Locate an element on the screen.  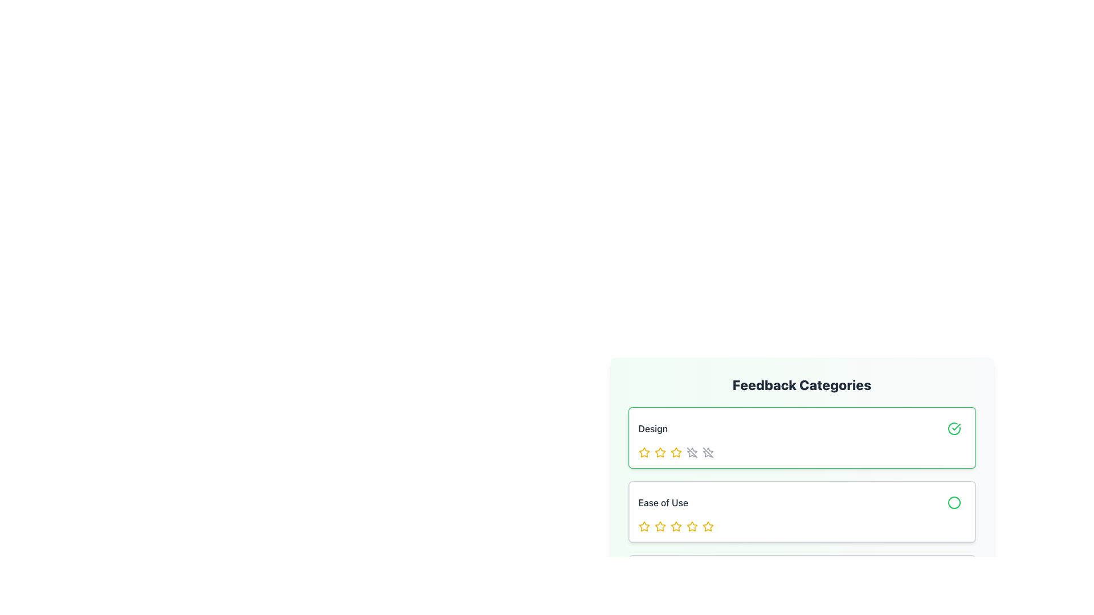
to select the fourth star in the five-star rating row located in the 'Design' feedback category section for a rating is located at coordinates (691, 452).